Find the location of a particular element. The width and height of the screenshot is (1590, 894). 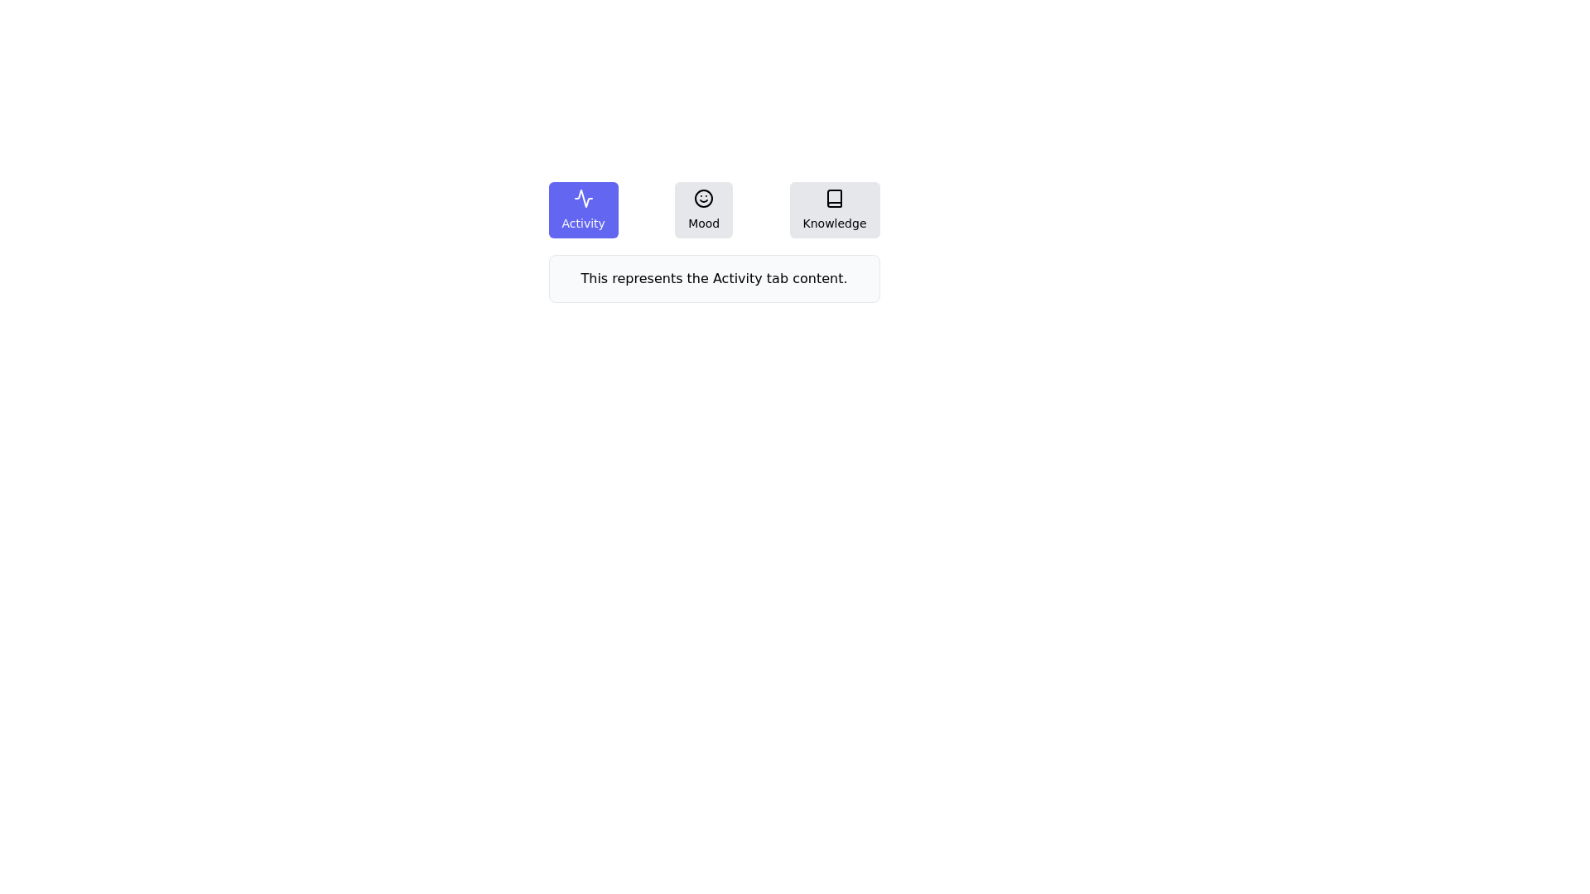

the 'Activity' tab icon located at the leftmost position in the row of three tabs is located at coordinates (583, 197).